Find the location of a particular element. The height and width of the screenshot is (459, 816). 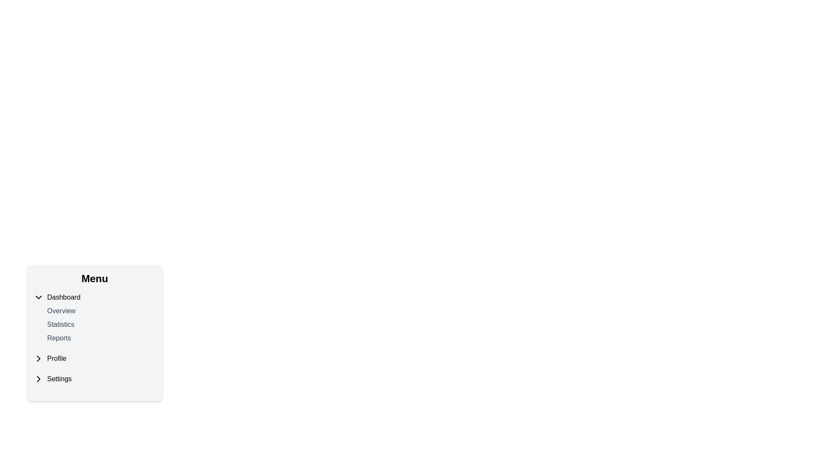

the 'Reports' item in the vertical menu group located in the Dashboard section is located at coordinates (100, 324).